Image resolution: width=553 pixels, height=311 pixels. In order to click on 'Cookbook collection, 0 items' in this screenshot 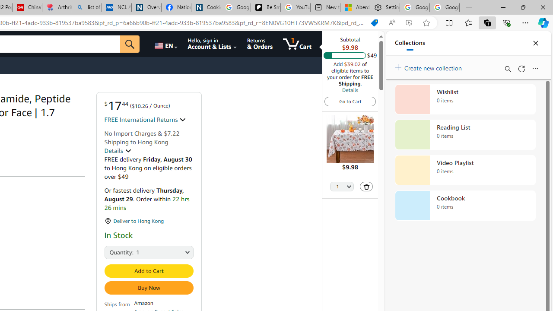, I will do `click(465, 205)`.